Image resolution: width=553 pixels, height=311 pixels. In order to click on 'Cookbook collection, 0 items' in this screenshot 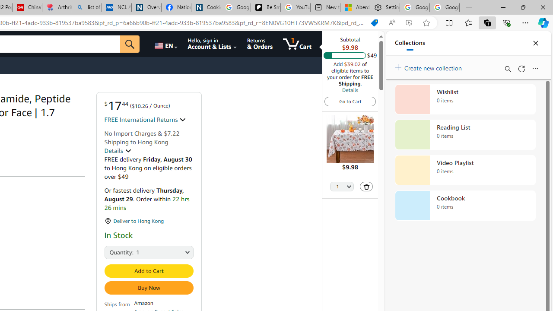, I will do `click(465, 205)`.